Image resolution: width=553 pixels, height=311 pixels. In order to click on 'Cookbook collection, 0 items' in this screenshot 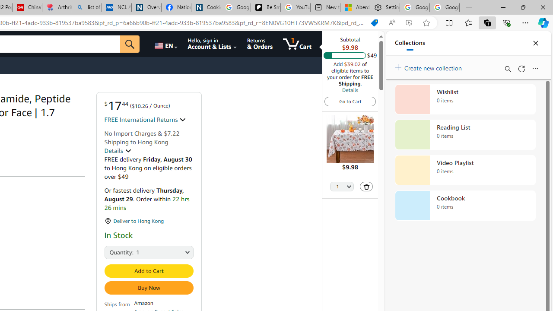, I will do `click(465, 205)`.